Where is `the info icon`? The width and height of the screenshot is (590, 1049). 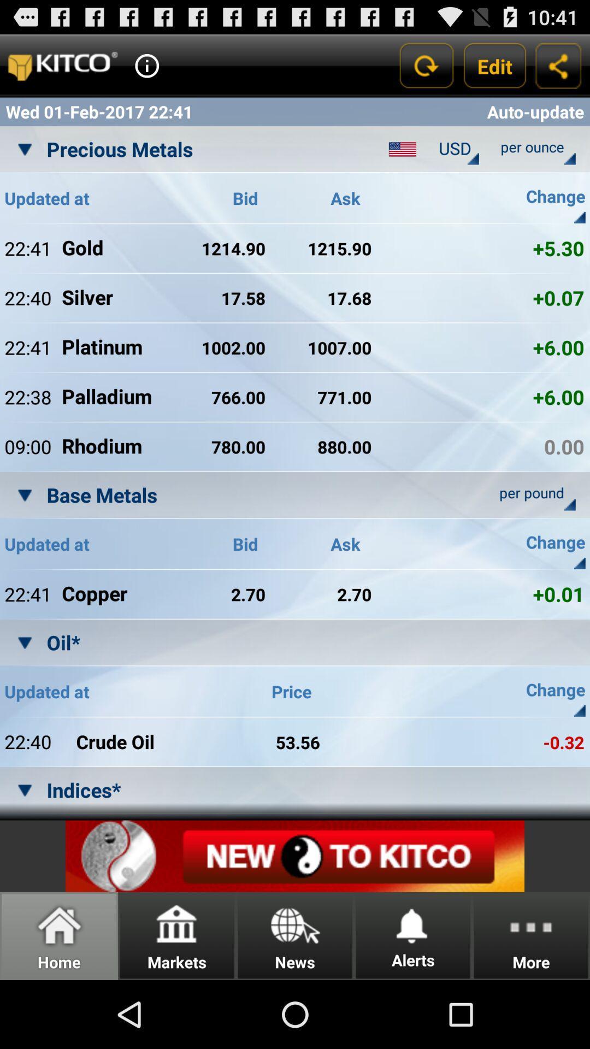
the info icon is located at coordinates (146, 70).